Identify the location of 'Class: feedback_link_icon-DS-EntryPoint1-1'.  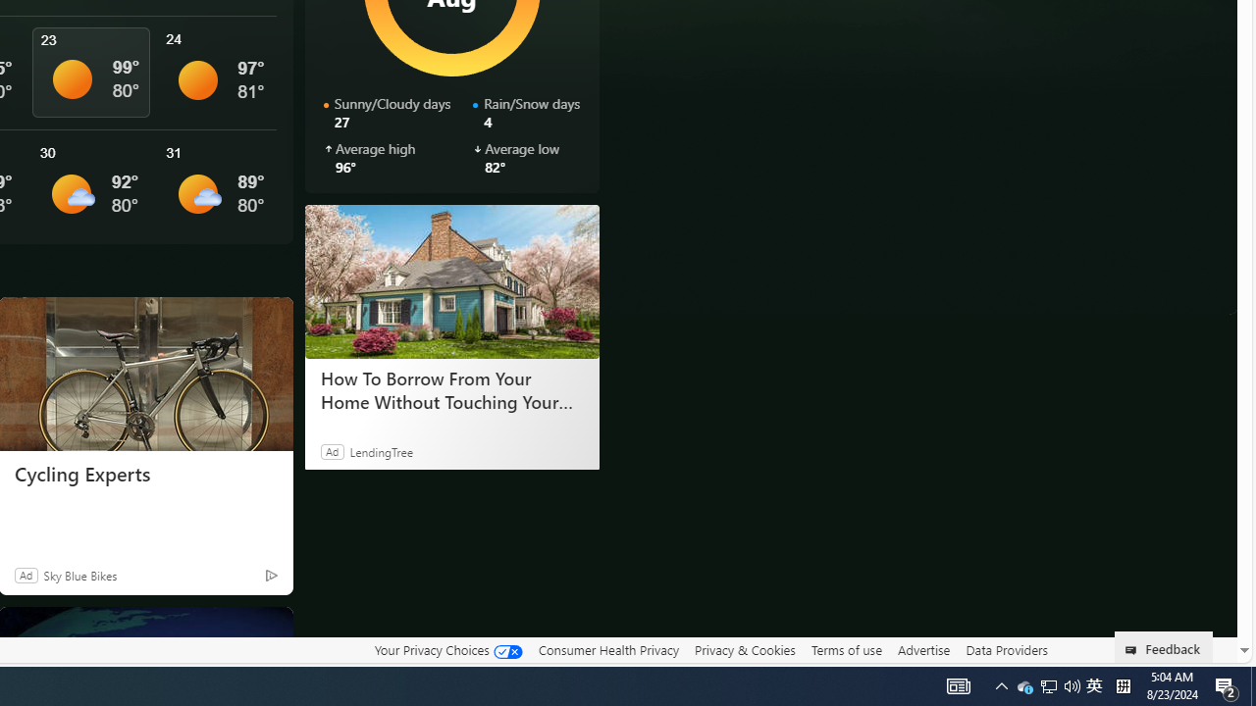
(1134, 650).